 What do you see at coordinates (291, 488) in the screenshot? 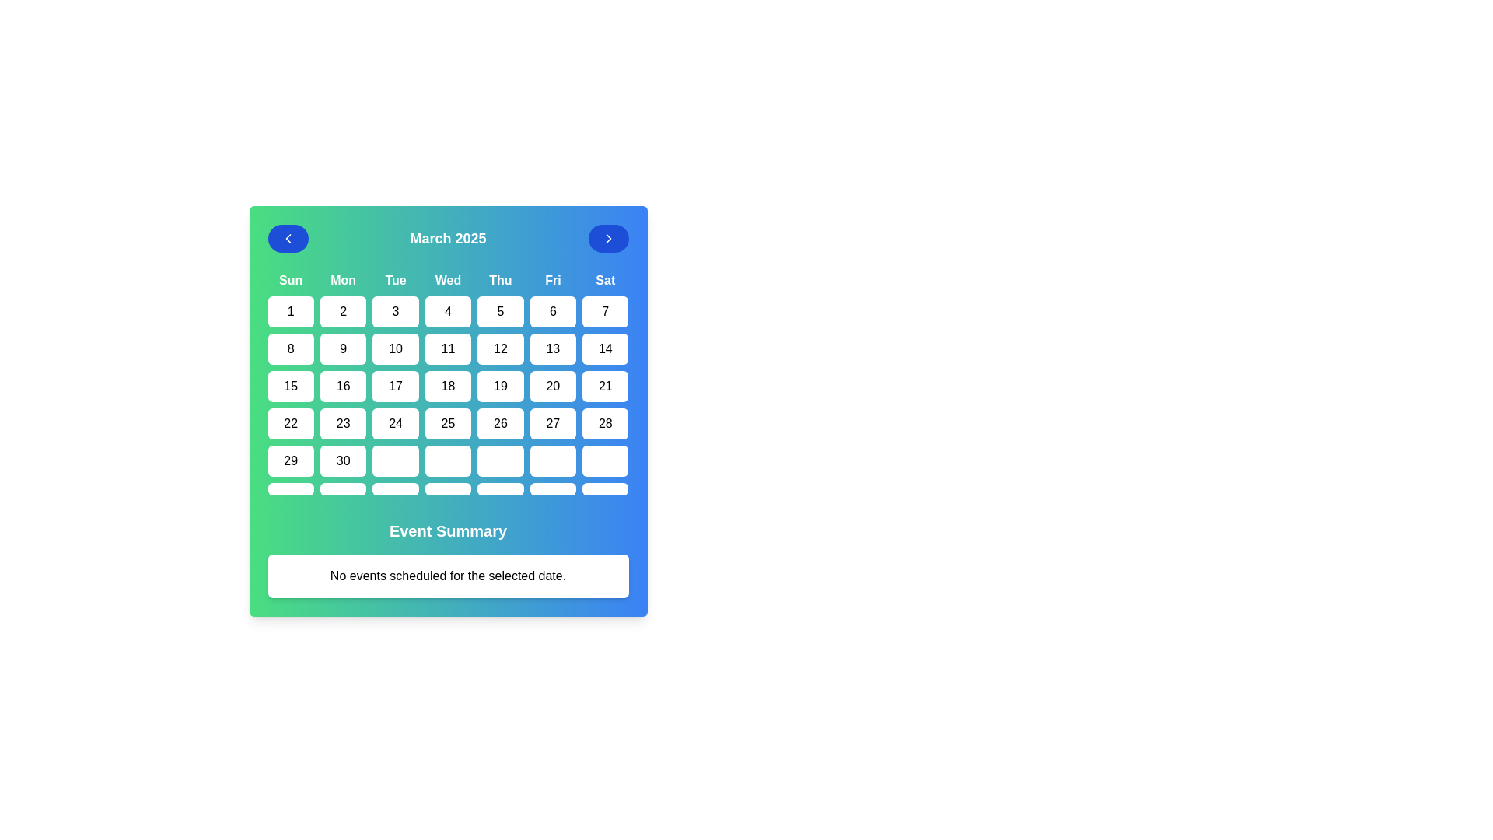
I see `the inactive date slot button in the calendar for March 2025 located in the last row and first column` at bounding box center [291, 488].